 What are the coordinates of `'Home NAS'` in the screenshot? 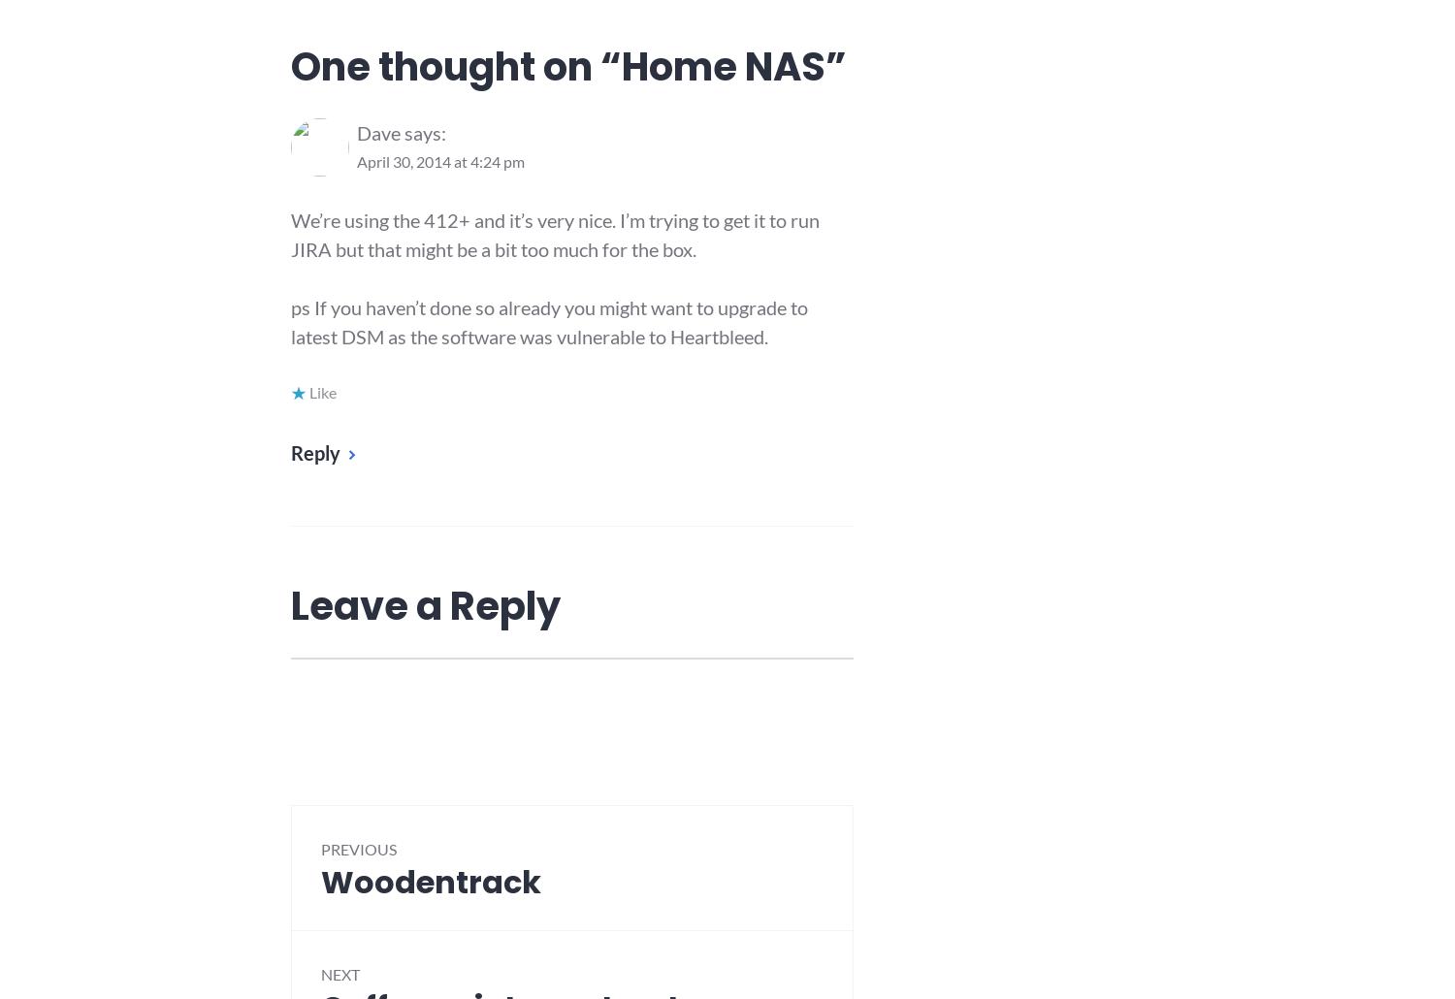 It's located at (722, 67).